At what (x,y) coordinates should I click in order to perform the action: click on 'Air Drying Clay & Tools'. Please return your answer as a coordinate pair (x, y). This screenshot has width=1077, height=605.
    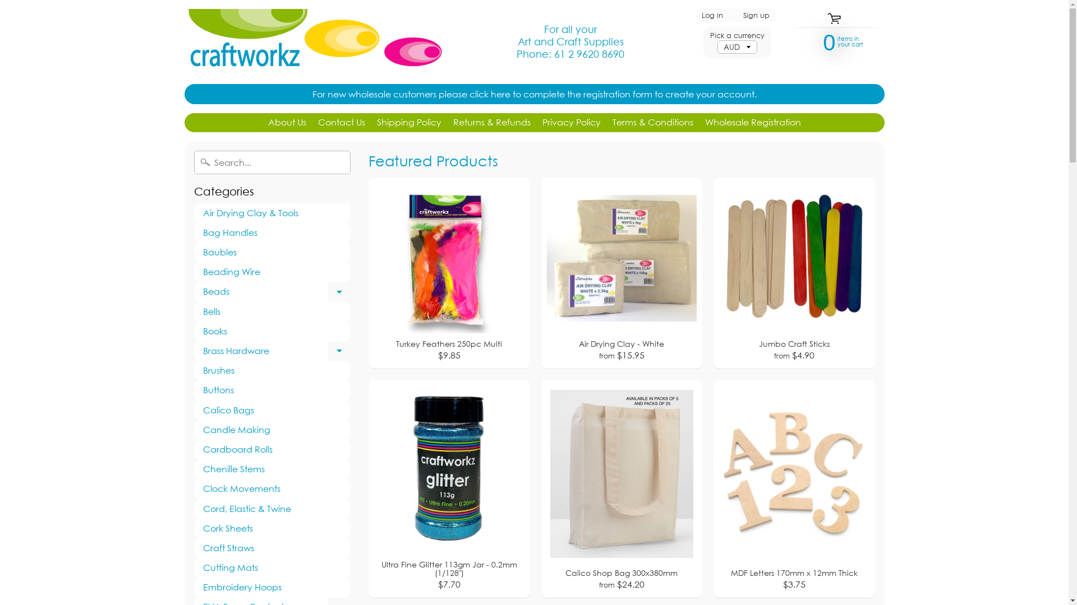
    Looking at the image, I should click on (272, 213).